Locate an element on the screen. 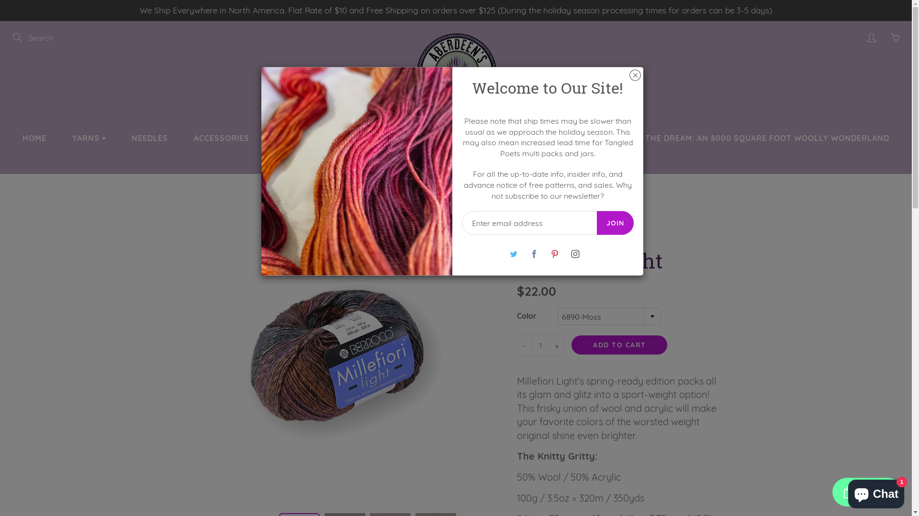 The height and width of the screenshot is (516, 919). 'KITS' is located at coordinates (287, 138).